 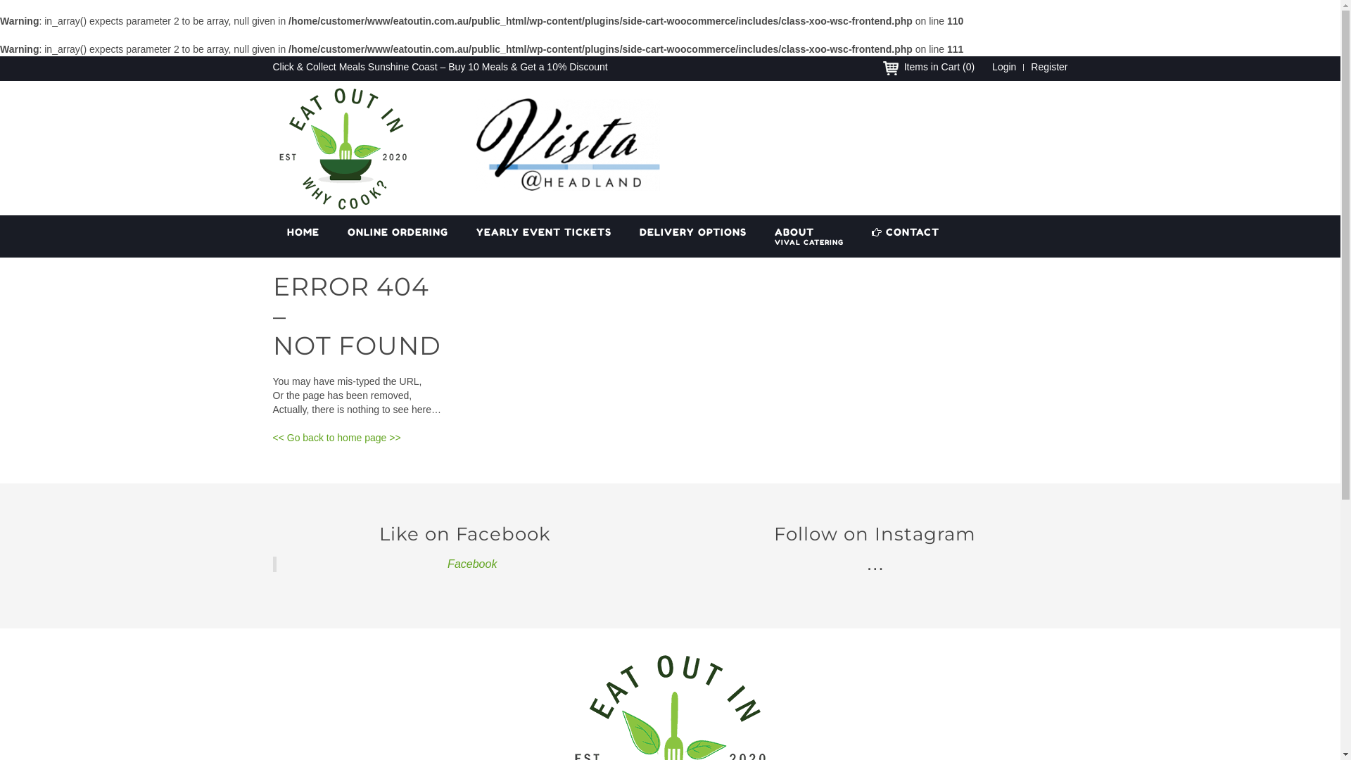 I want to click on 'ABOUT, so click(x=808, y=235).